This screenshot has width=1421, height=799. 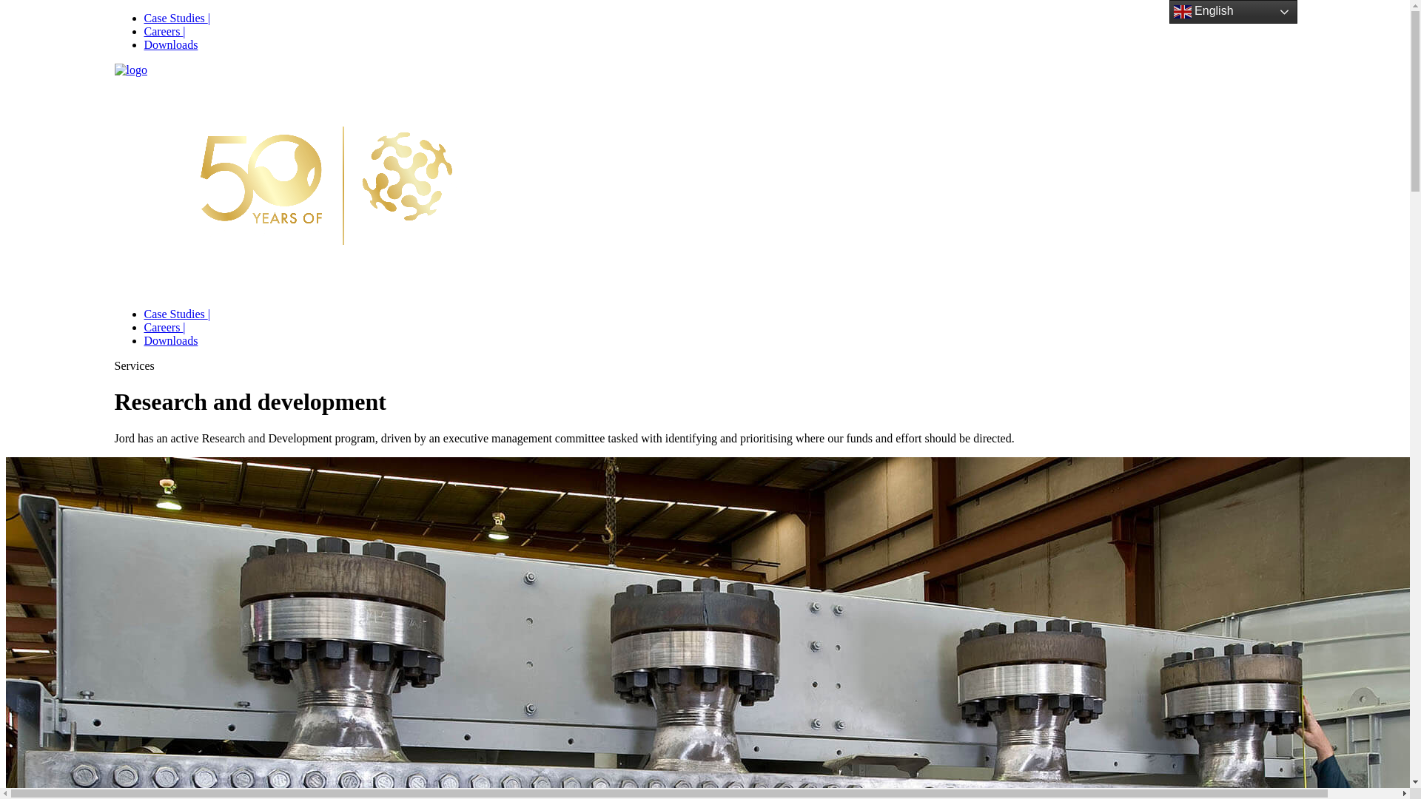 I want to click on 'Downloads', so click(x=170, y=44).